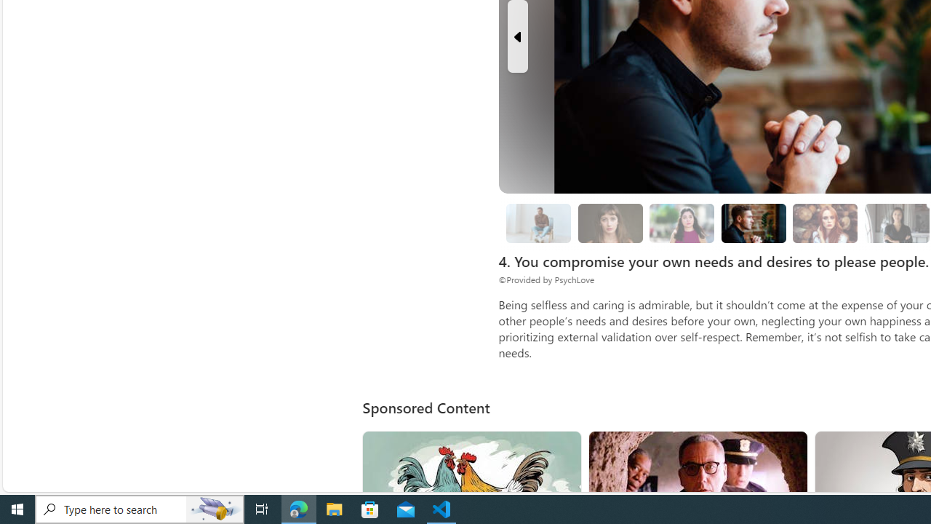  What do you see at coordinates (538, 223) in the screenshot?
I see `'3. Put some thought into it.'` at bounding box center [538, 223].